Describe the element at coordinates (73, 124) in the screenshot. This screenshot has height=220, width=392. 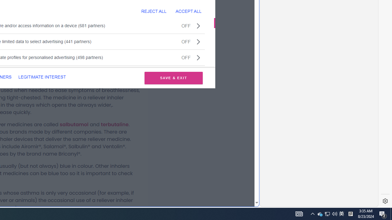
I see `'salbutamol'` at that location.